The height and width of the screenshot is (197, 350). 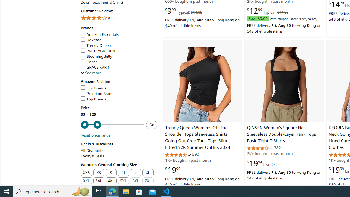 I want to click on 'Today', so click(x=118, y=156).